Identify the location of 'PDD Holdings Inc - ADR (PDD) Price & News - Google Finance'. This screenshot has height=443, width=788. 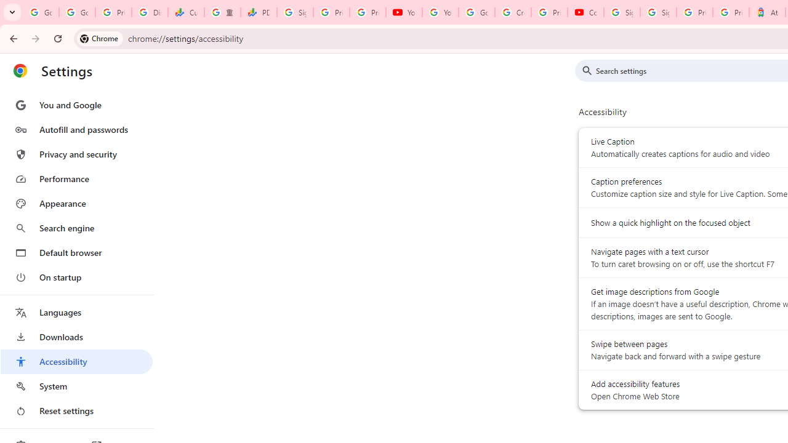
(258, 12).